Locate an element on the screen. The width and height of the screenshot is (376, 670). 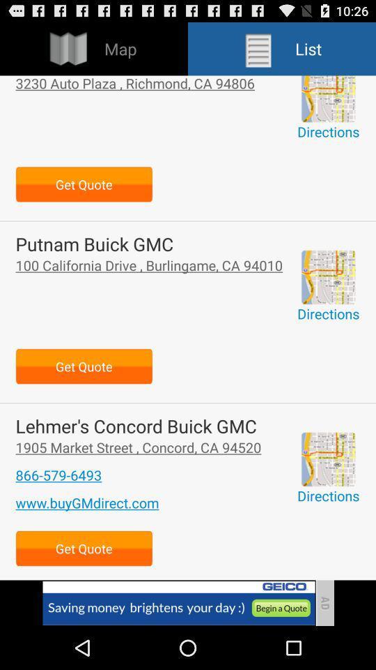
advertisement page is located at coordinates (178, 602).